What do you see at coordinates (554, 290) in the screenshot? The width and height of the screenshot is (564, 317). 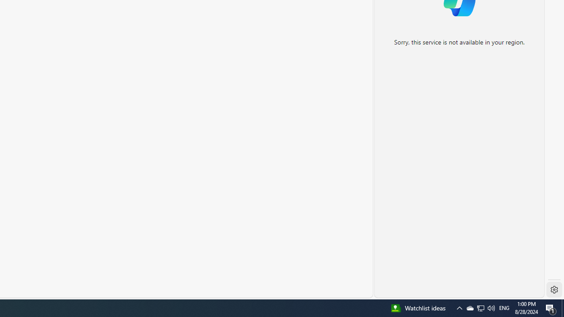 I see `'Settings'` at bounding box center [554, 290].